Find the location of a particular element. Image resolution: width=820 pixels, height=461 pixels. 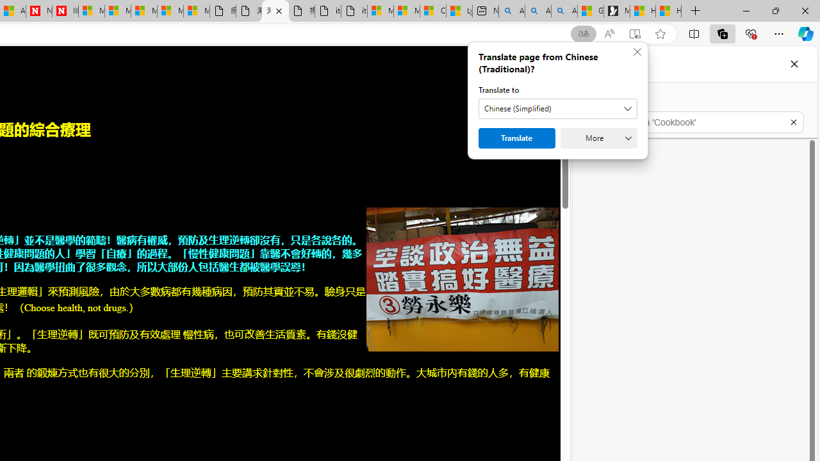

'Illness news & latest pictures from Newsweek.com' is located at coordinates (64, 11).